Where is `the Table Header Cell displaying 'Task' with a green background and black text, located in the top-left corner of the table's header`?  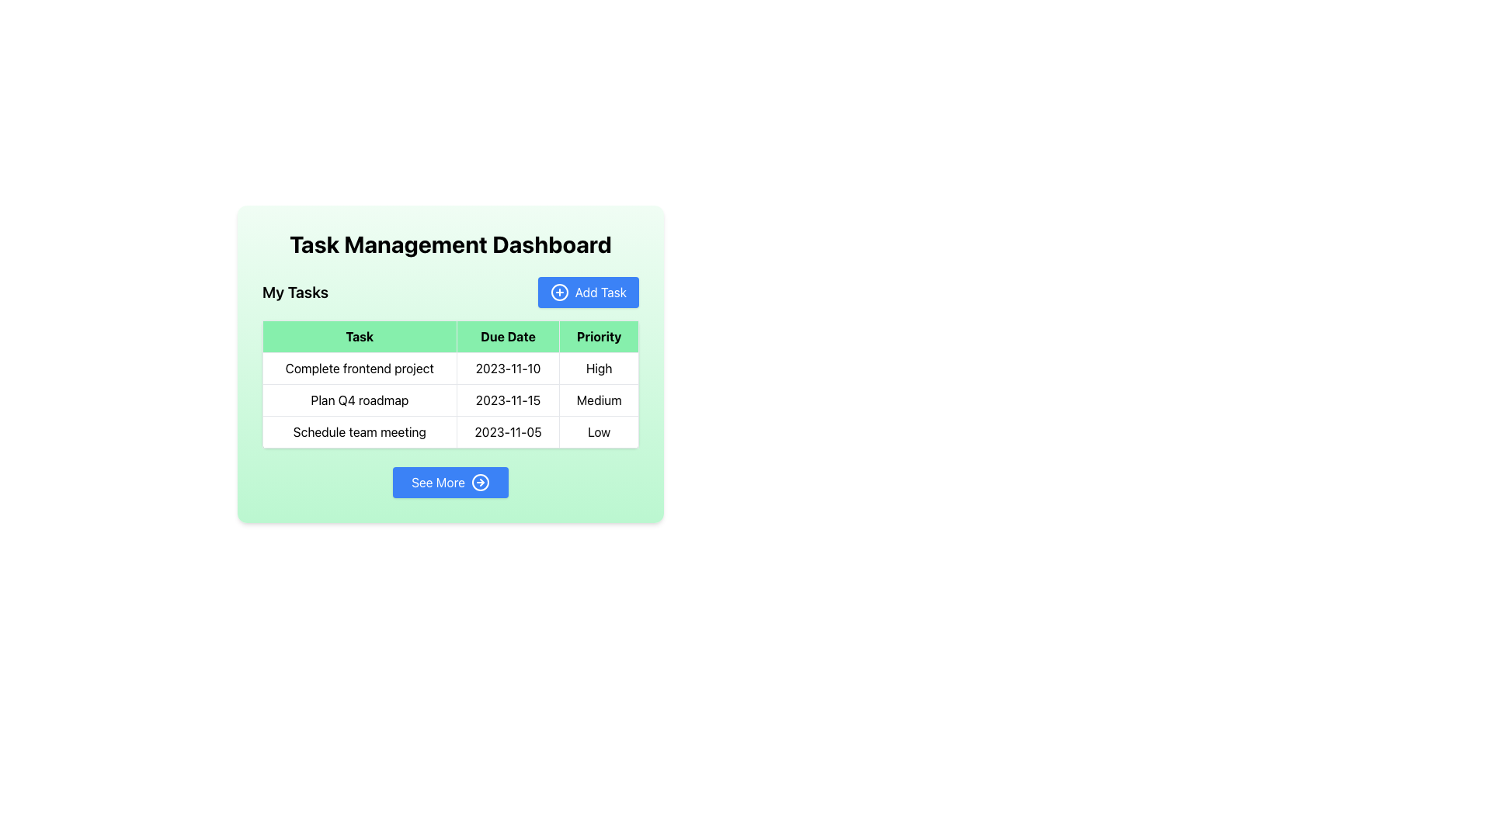 the Table Header Cell displaying 'Task' with a green background and black text, located in the top-left corner of the table's header is located at coordinates (359, 336).